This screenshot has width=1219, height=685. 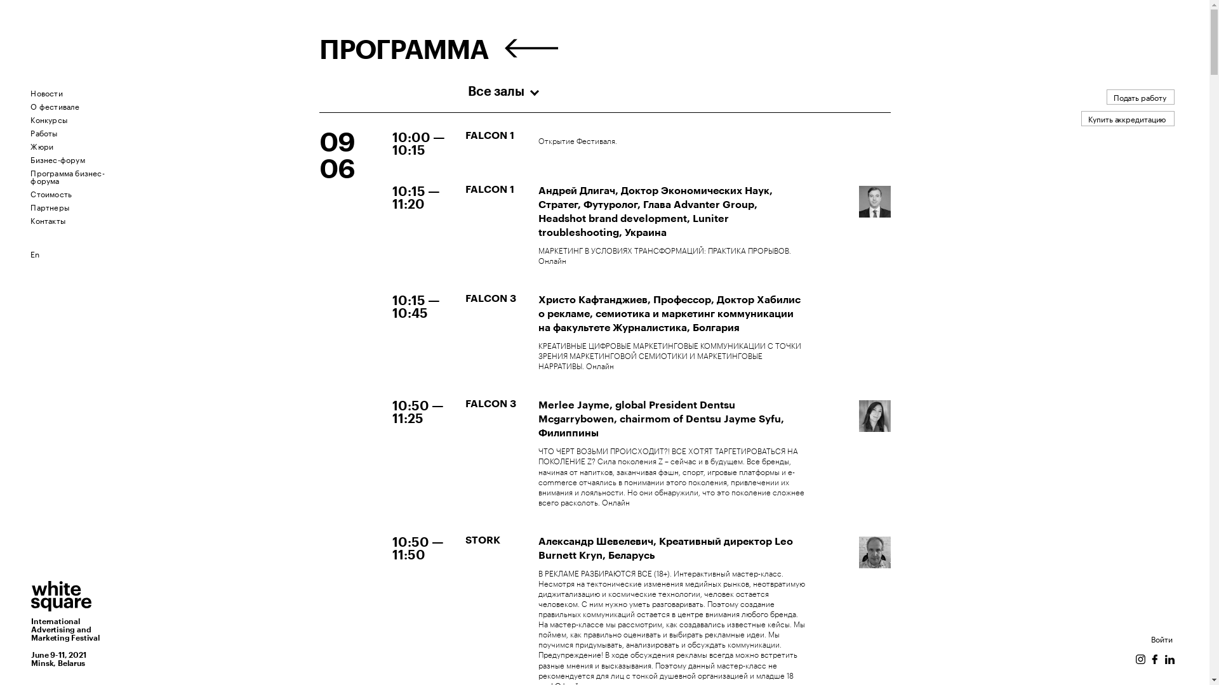 What do you see at coordinates (34, 253) in the screenshot?
I see `'En'` at bounding box center [34, 253].